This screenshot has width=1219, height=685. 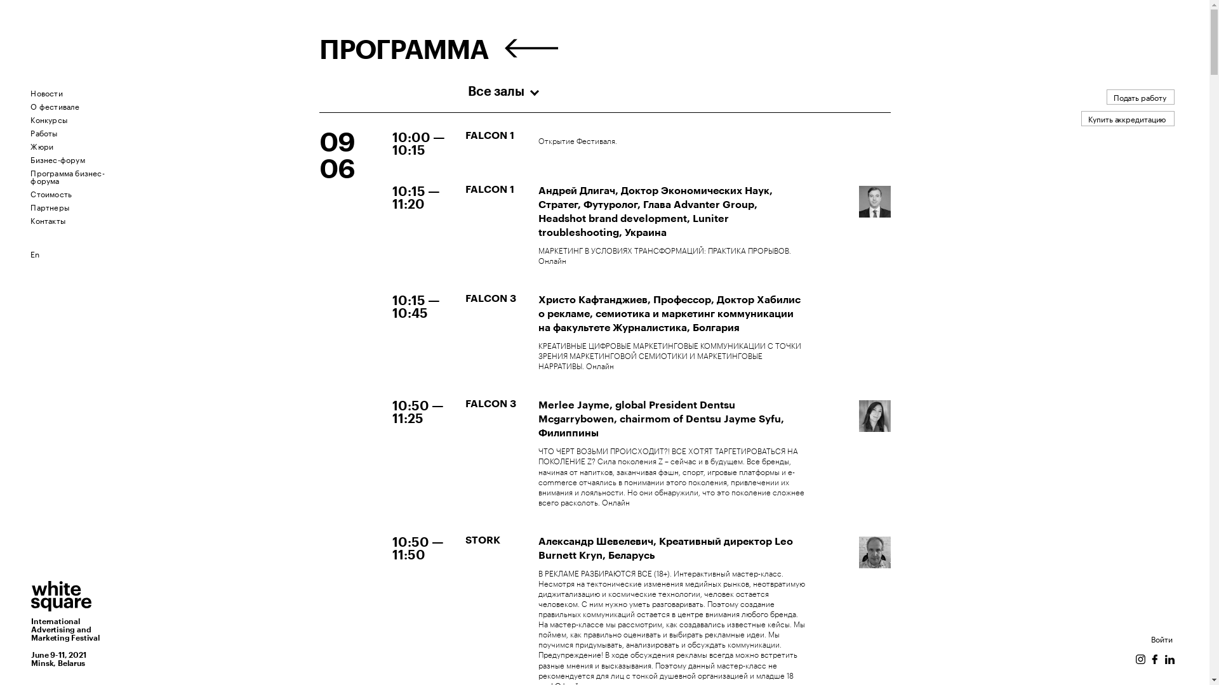 What do you see at coordinates (34, 253) in the screenshot?
I see `'En'` at bounding box center [34, 253].